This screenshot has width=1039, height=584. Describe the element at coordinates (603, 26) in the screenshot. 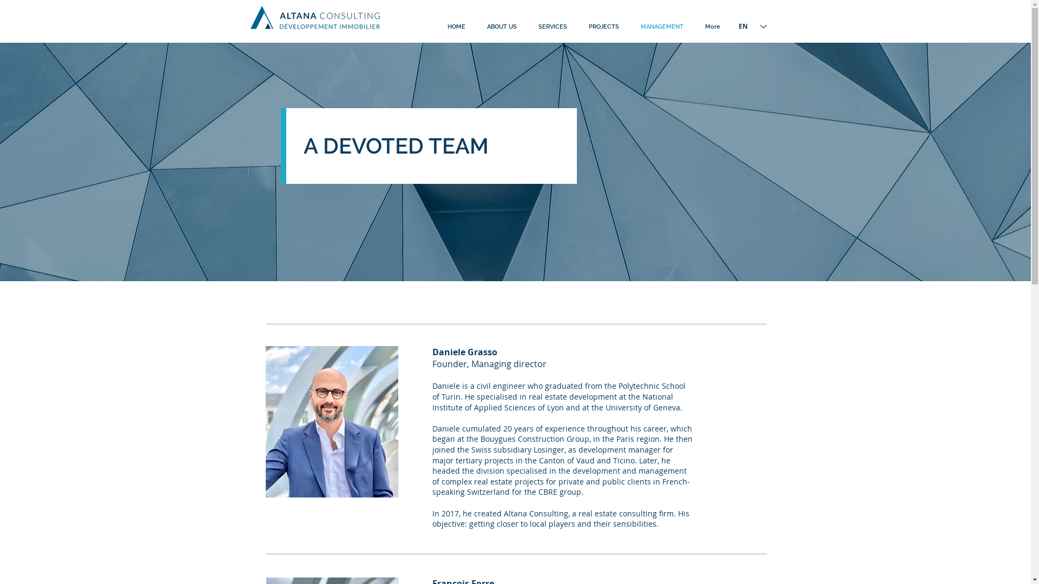

I see `'PROJECTS'` at that location.